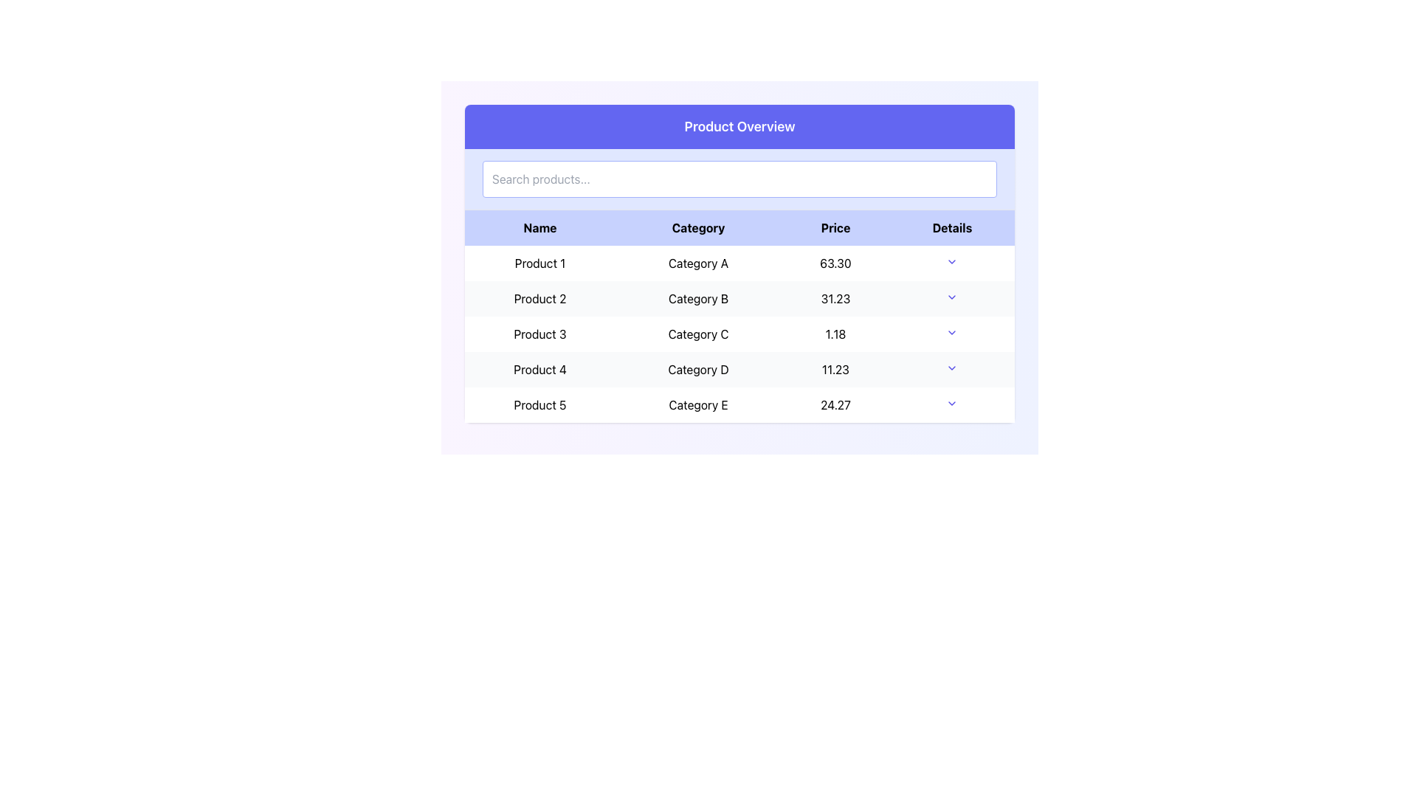 Image resolution: width=1417 pixels, height=797 pixels. Describe the element at coordinates (952, 367) in the screenshot. I see `the downward-pointing chevron icon in the 'Details' column of the 'Product 4' row` at that location.